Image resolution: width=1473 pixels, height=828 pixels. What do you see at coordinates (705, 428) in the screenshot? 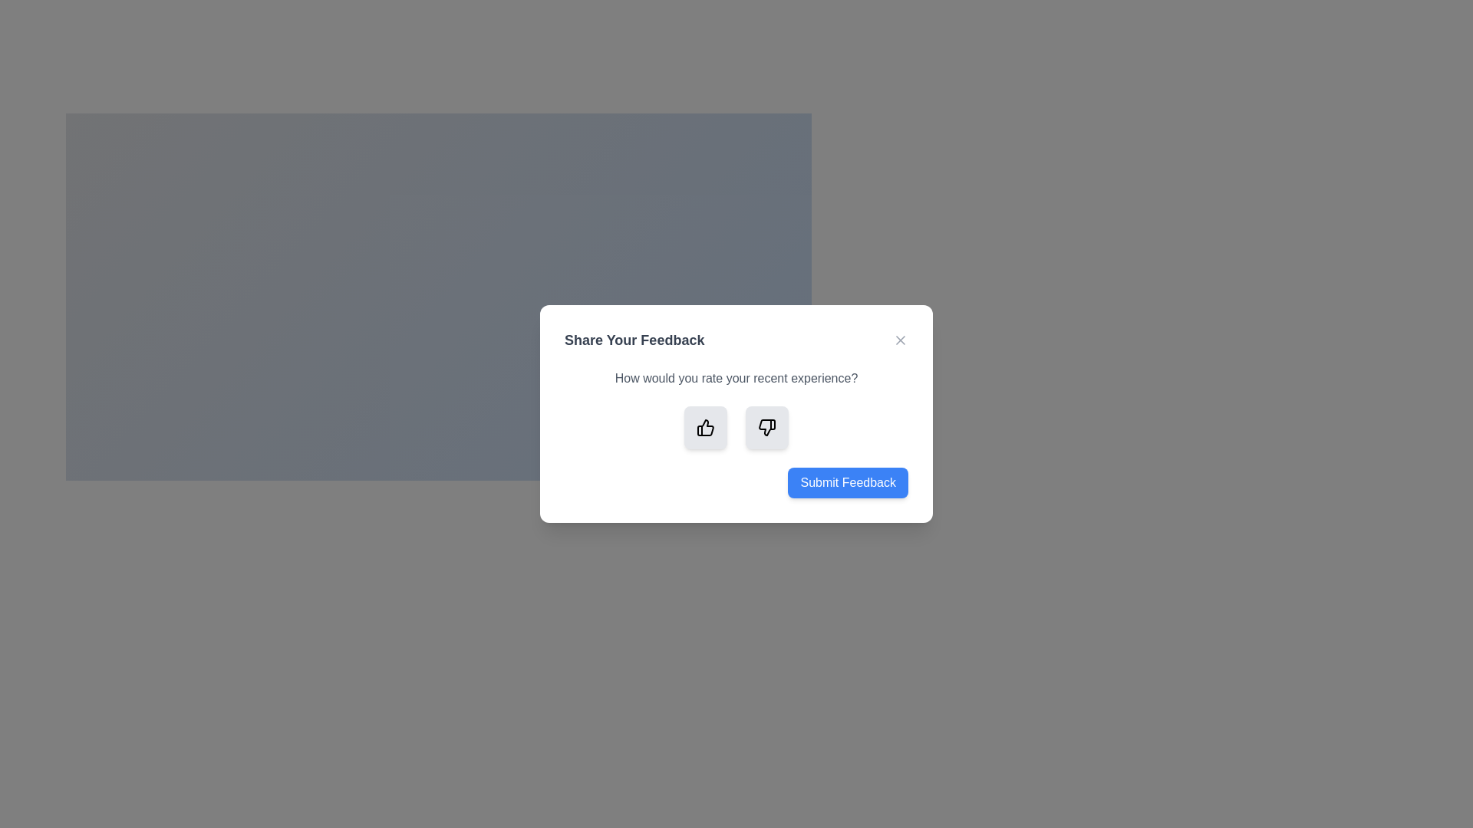
I see `the positive feedback button located in the feedback modal below the question 'How would you rate your recent experience?' to record a favorable response` at bounding box center [705, 428].